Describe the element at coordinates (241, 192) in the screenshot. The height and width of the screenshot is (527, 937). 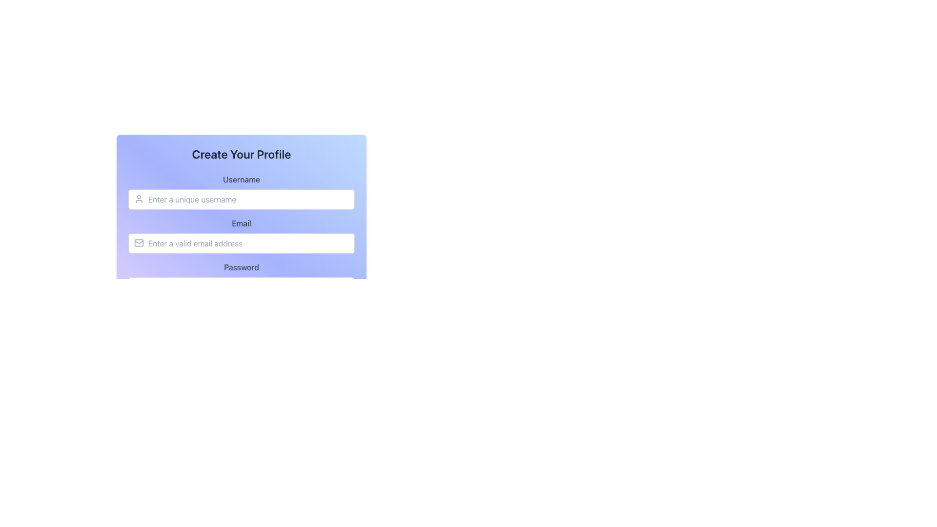
I see `the 'Username' text label, which is the first label in the 'Create Your Profile' form, styled in medium font with muted gray color` at that location.